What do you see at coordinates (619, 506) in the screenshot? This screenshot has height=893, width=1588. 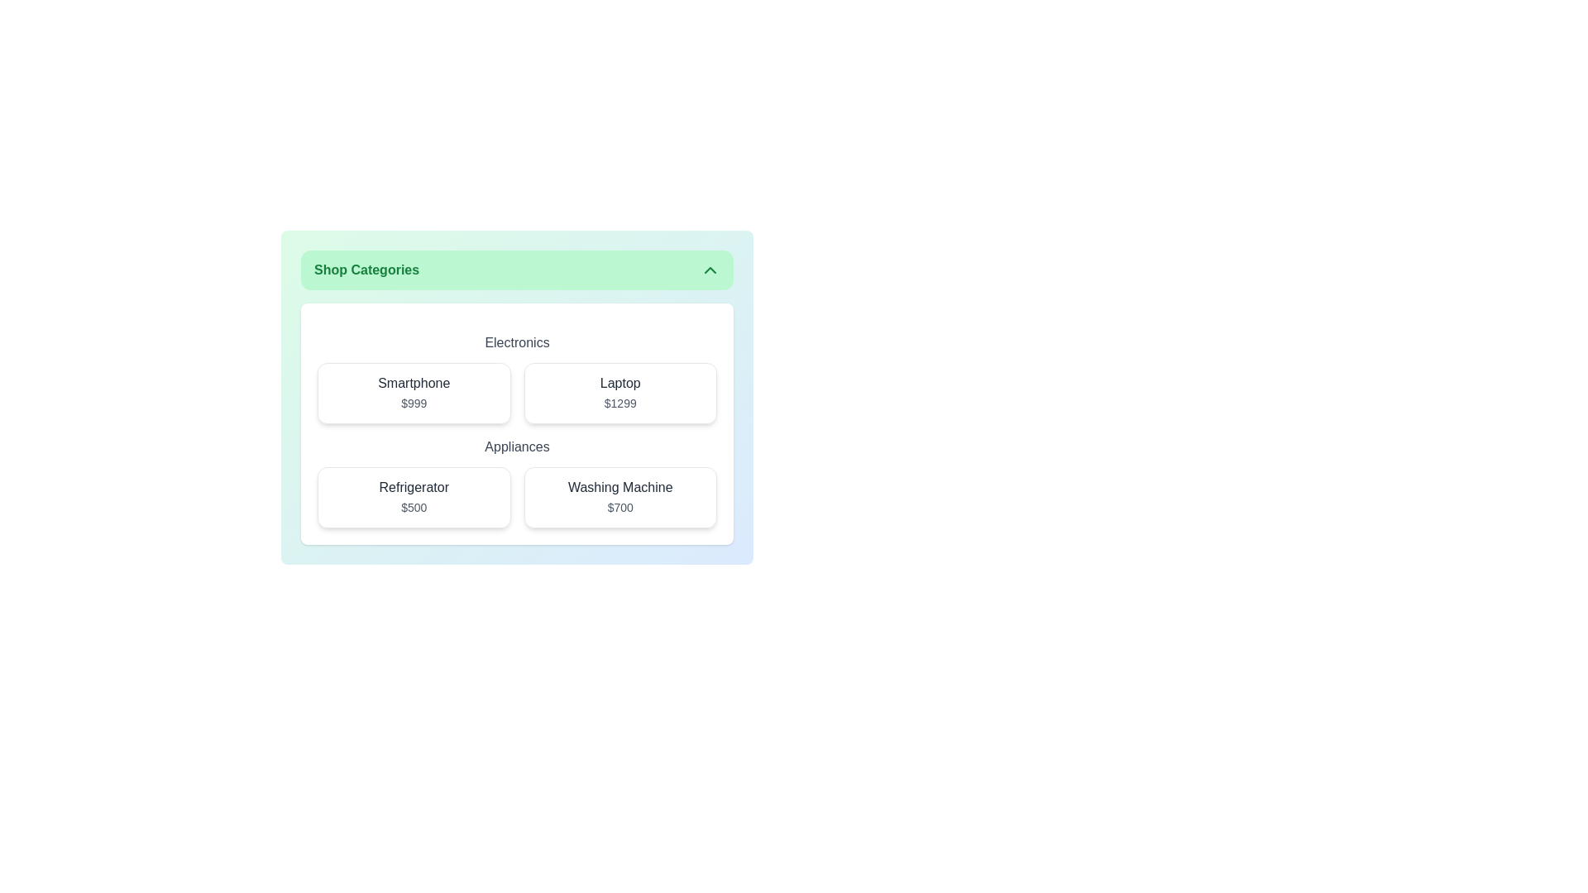 I see `the price label displaying '$700', which is located directly below the 'Washing Machine' label in the bottom-right section of the grid layout under the 'Appliances' category` at bounding box center [619, 506].